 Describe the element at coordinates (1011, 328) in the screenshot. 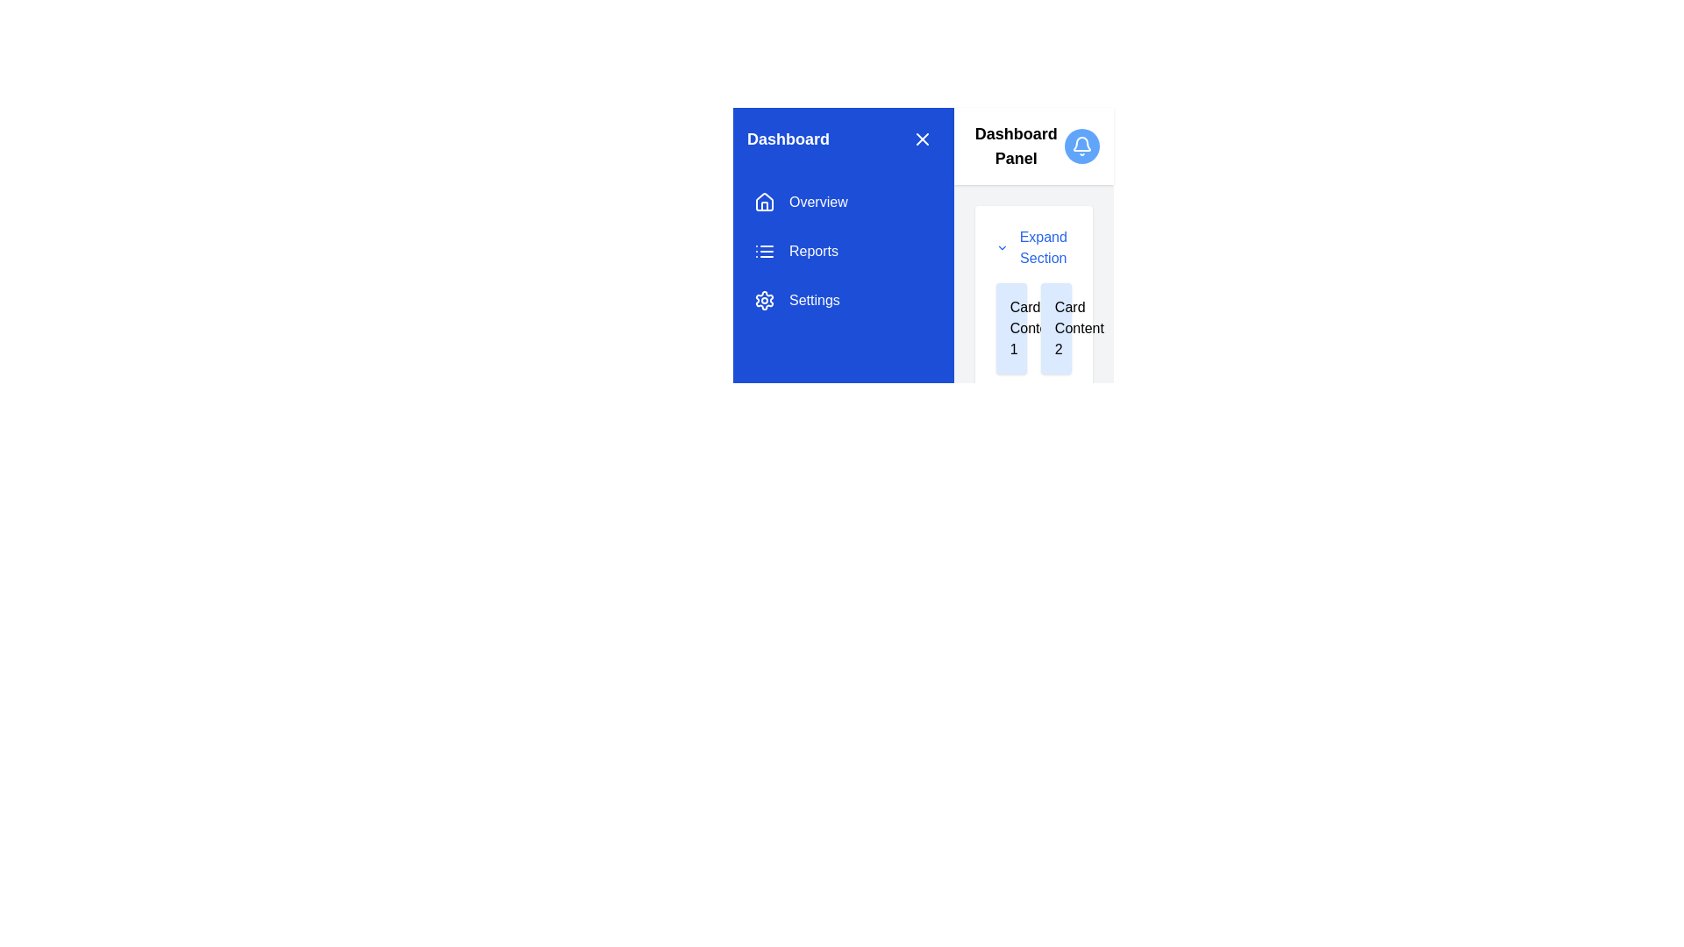

I see `the text label that serves as a descriptor for the leftmost card in the Dashboard Panel section` at that location.